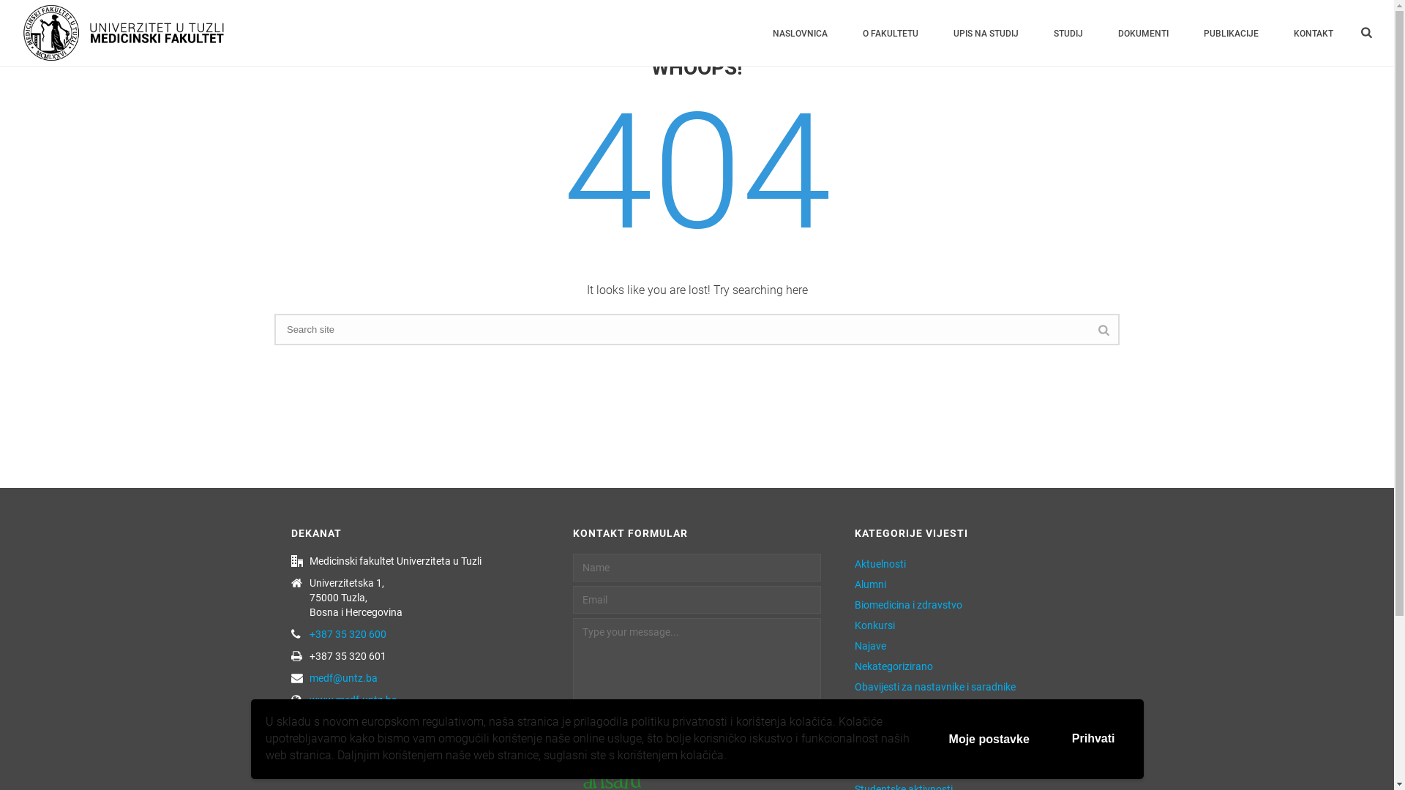 This screenshot has width=1405, height=790. What do you see at coordinates (1068, 33) in the screenshot?
I see `'STUDIJ'` at bounding box center [1068, 33].